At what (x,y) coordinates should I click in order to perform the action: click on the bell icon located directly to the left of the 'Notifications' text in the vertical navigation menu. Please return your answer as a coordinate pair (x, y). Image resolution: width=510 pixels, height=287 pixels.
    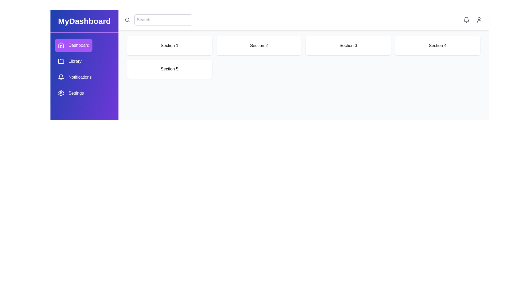
    Looking at the image, I should click on (61, 77).